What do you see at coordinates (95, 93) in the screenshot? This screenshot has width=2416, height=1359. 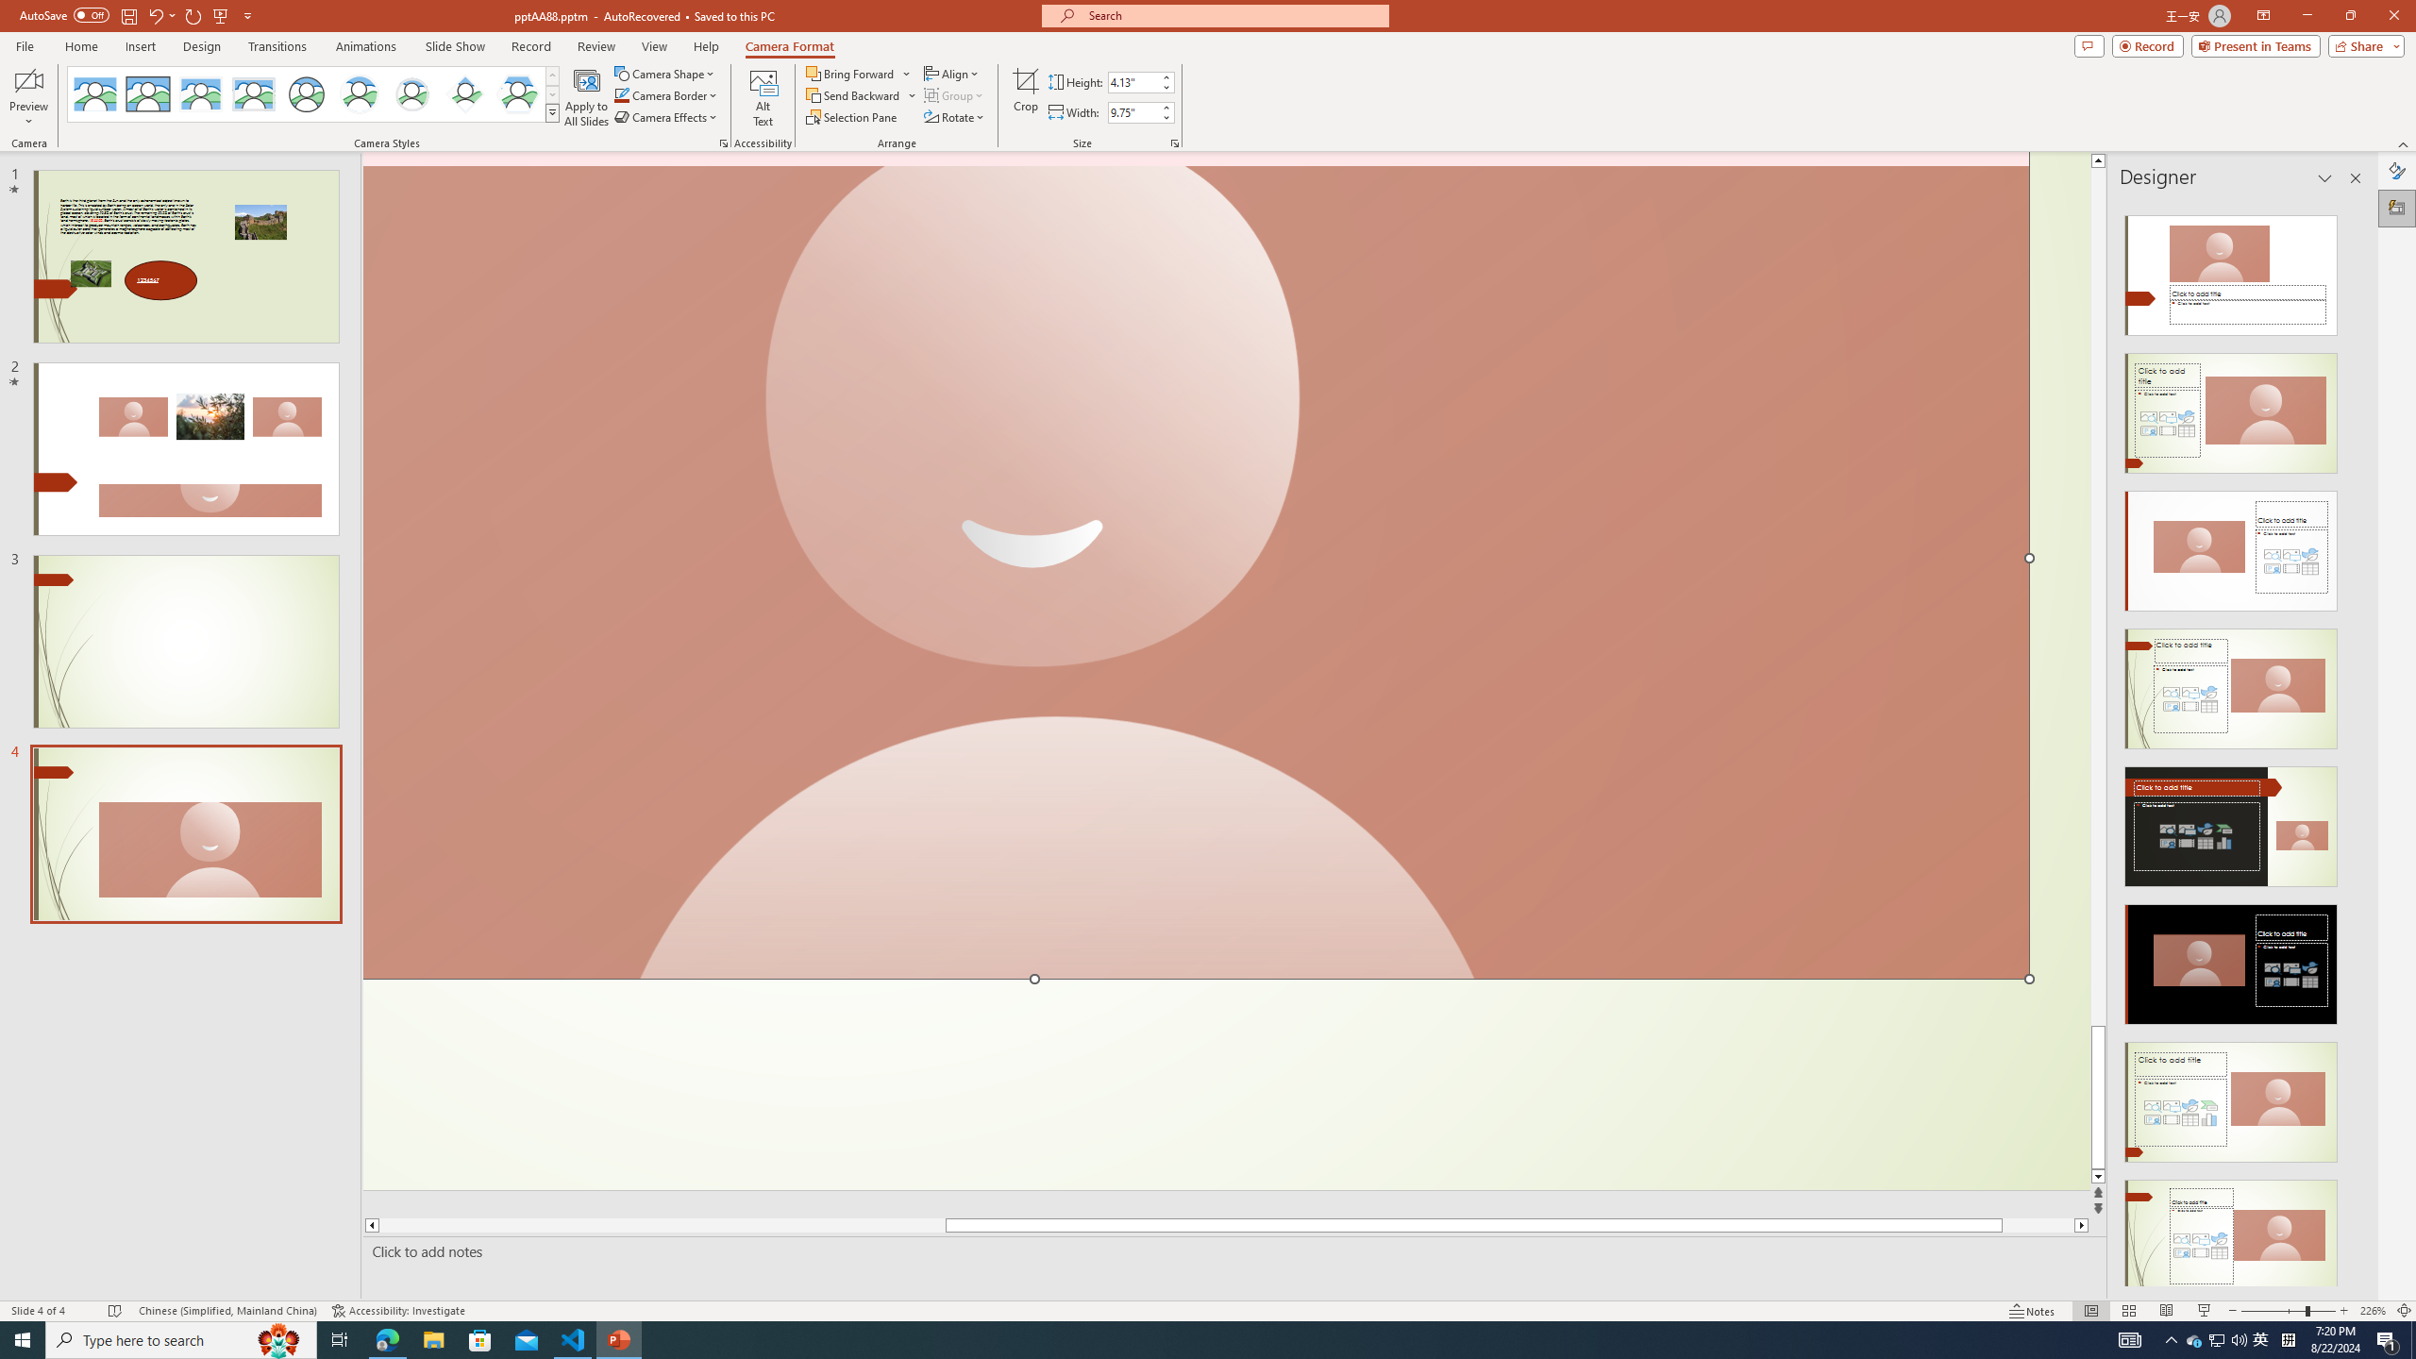 I see `'No Style'` at bounding box center [95, 93].